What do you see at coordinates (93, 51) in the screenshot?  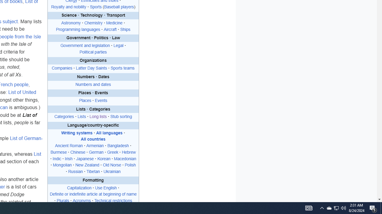 I see `'Political parties'` at bounding box center [93, 51].